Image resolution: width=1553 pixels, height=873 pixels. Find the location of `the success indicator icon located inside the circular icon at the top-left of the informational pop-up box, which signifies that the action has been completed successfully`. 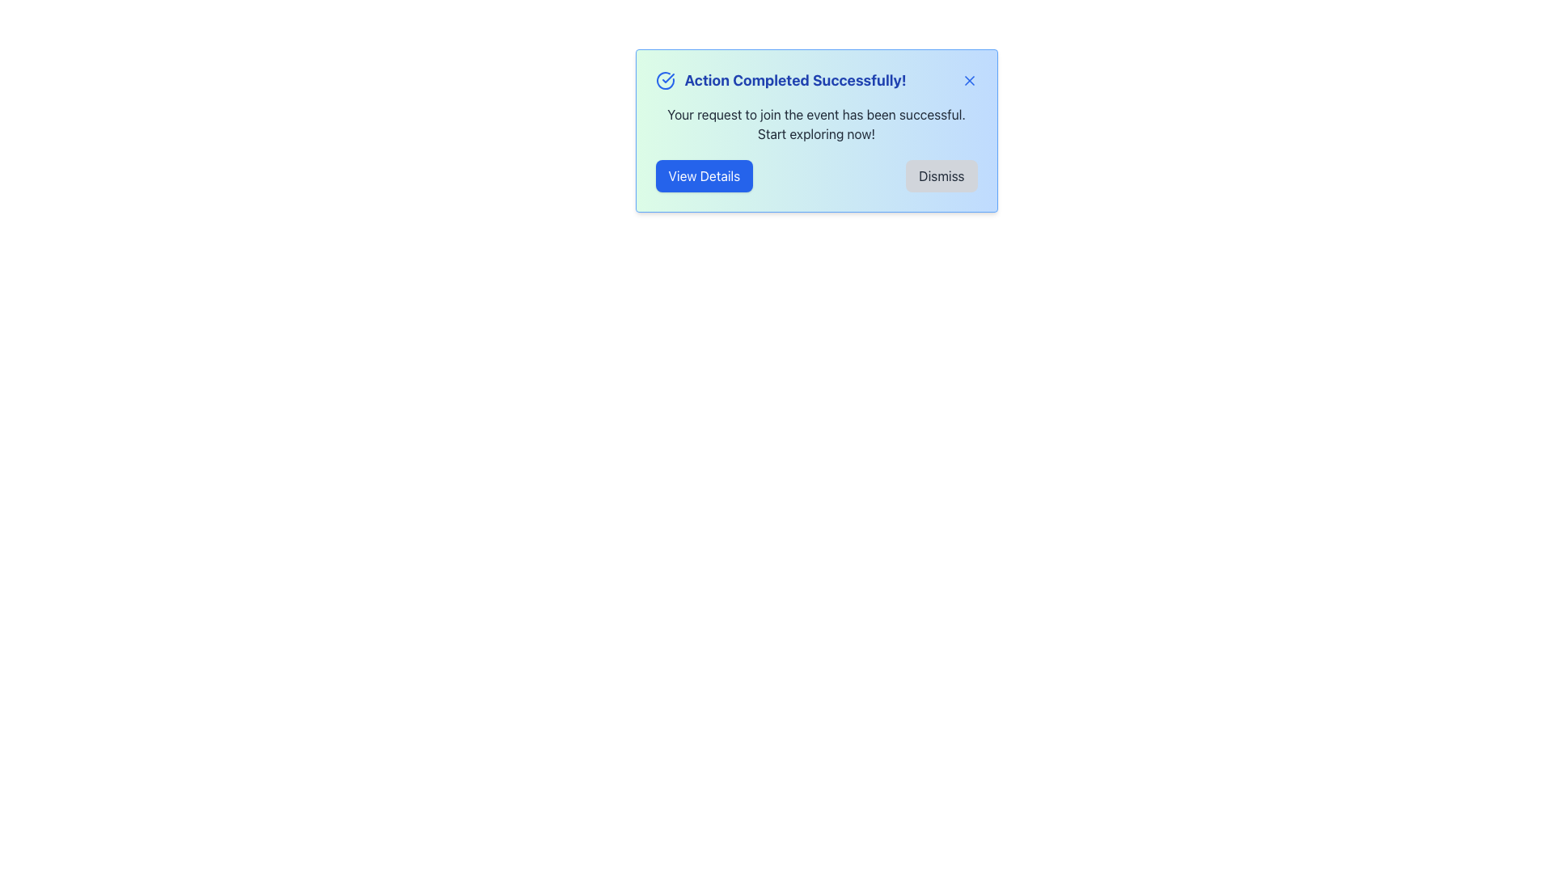

the success indicator icon located inside the circular icon at the top-left of the informational pop-up box, which signifies that the action has been completed successfully is located at coordinates (667, 78).